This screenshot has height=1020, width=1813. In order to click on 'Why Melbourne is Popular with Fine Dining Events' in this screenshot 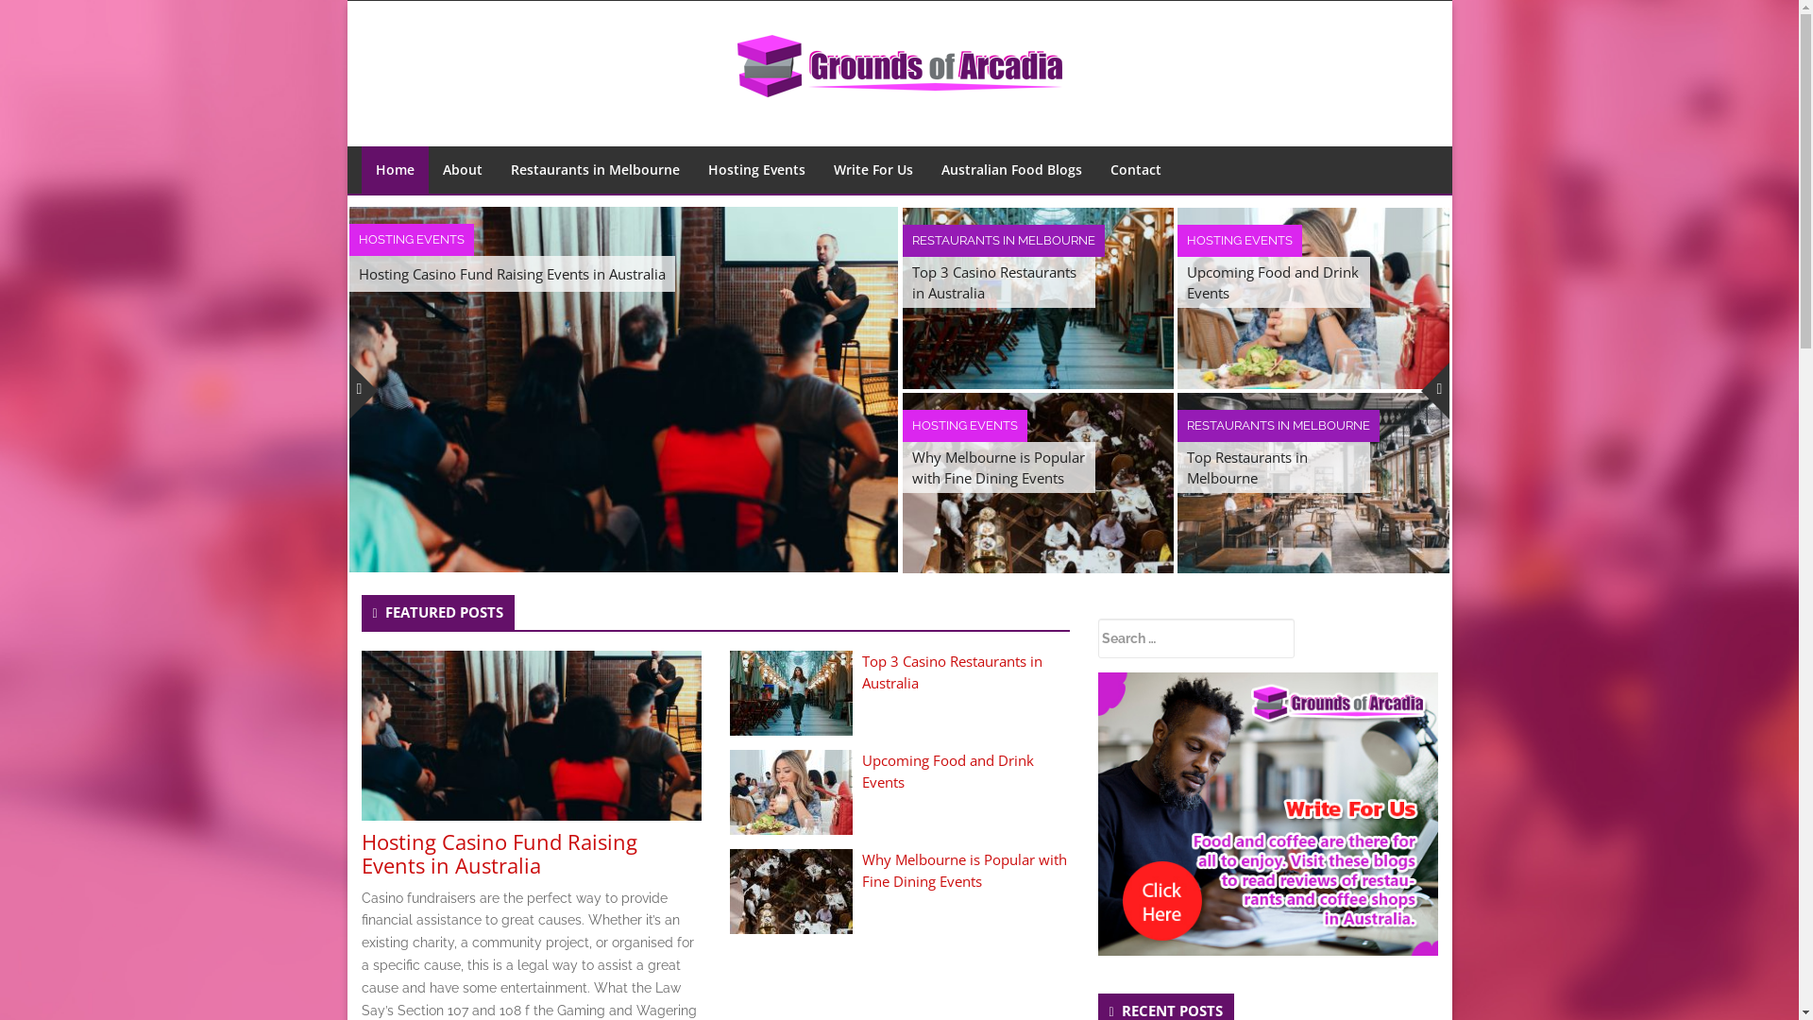, I will do `click(1037, 483)`.